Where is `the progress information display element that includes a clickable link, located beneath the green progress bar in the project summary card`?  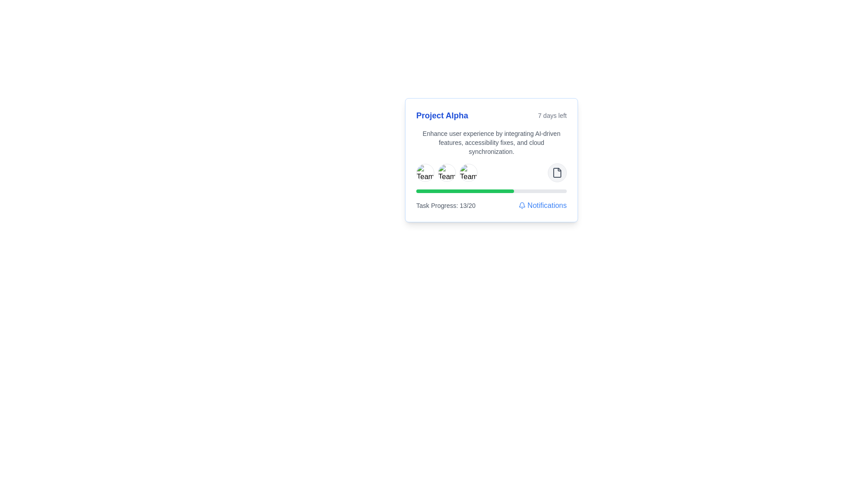 the progress information display element that includes a clickable link, located beneath the green progress bar in the project summary card is located at coordinates (491, 205).